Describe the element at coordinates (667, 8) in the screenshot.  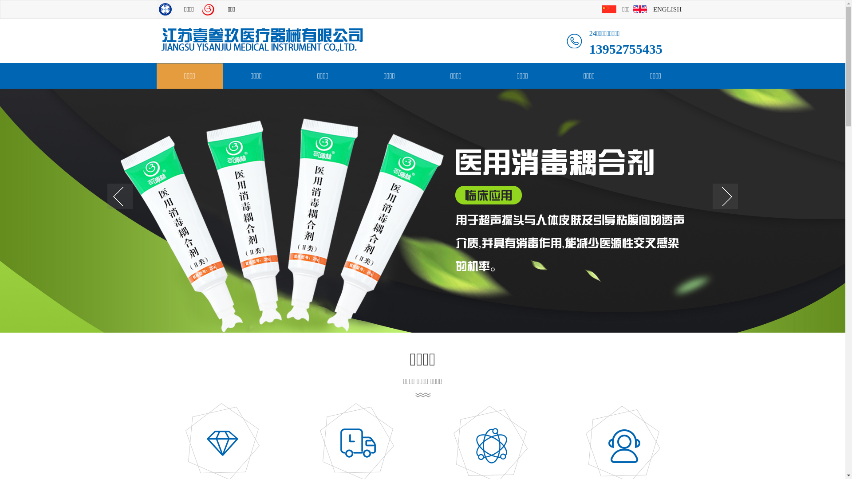
I see `'ENGLISH'` at that location.